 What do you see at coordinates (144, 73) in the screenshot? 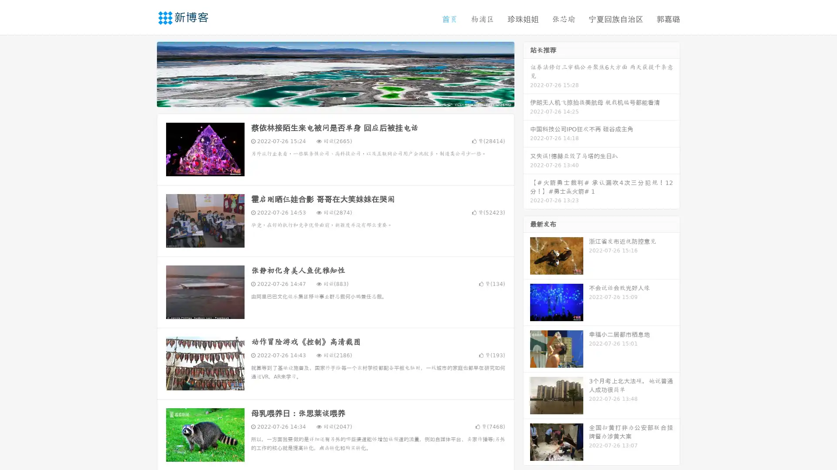
I see `Previous slide` at bounding box center [144, 73].